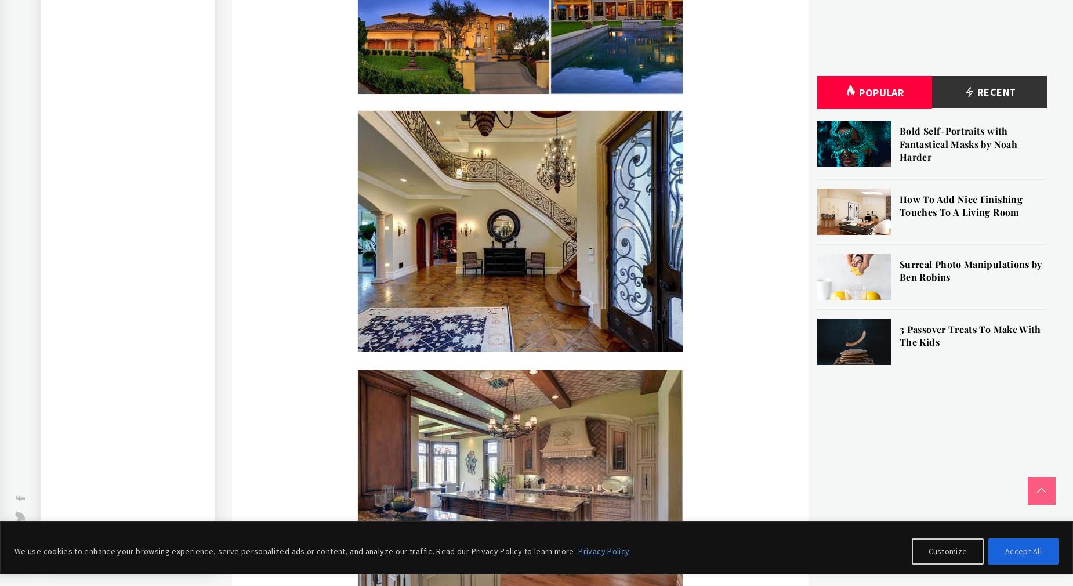 The height and width of the screenshot is (586, 1073). What do you see at coordinates (970, 270) in the screenshot?
I see `'Surreal Photo Manipulations by Ben Robins'` at bounding box center [970, 270].